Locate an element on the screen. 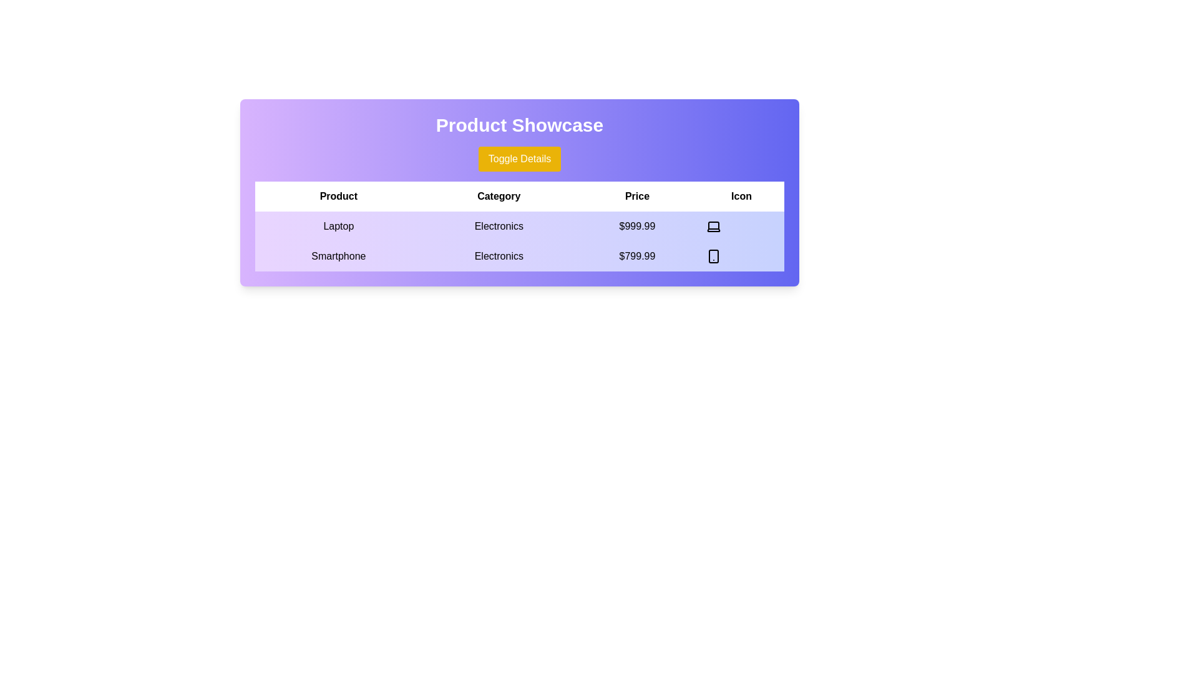 This screenshot has height=674, width=1198. the static text label displaying the price of the listed product, which is located in the third column of the first row of the table under the 'Price' header is located at coordinates (637, 226).